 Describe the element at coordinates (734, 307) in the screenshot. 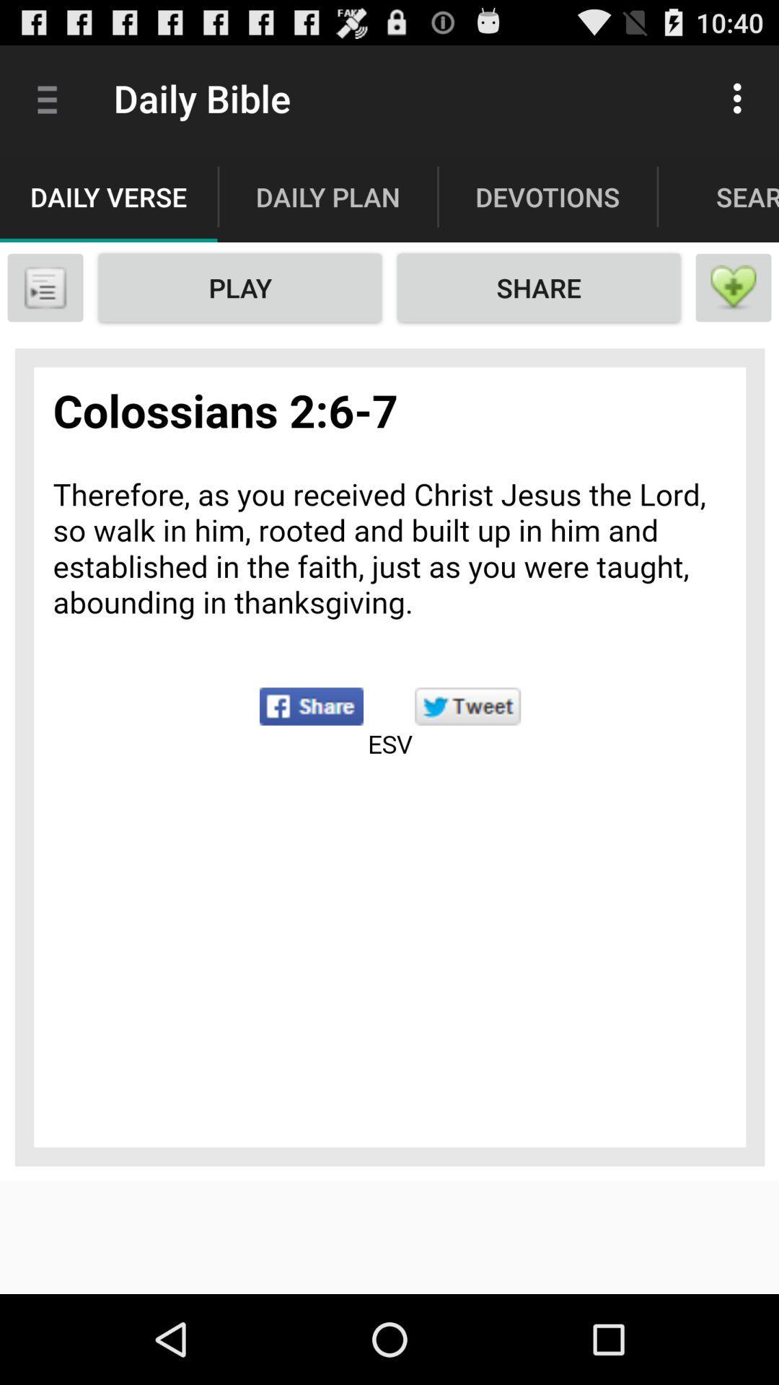

I see `the favorite icon` at that location.